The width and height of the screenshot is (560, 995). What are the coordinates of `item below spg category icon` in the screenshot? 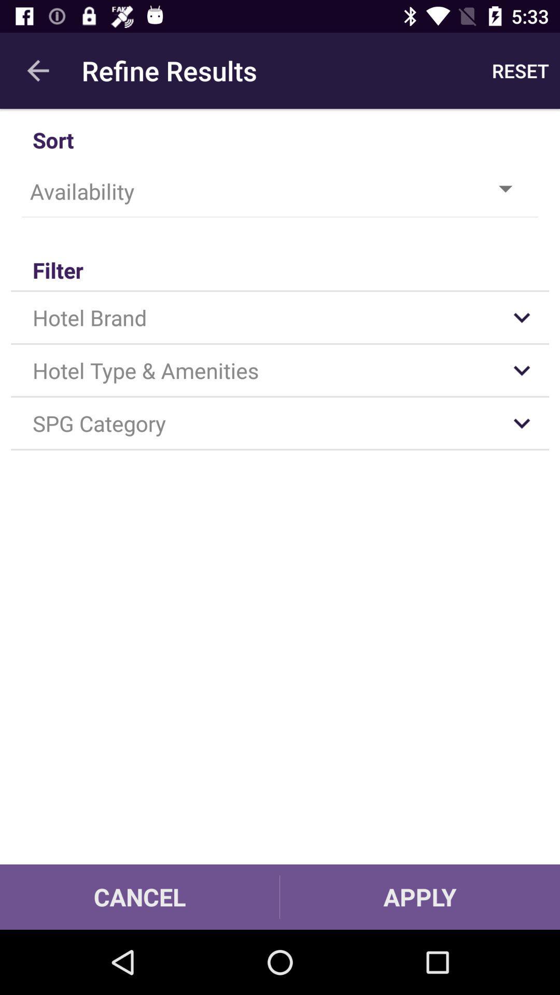 It's located at (420, 897).